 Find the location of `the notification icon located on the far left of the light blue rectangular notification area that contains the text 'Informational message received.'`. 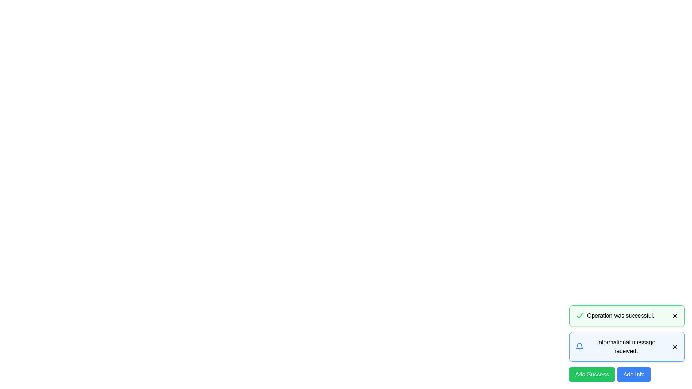

the notification icon located on the far left of the light blue rectangular notification area that contains the text 'Informational message received.' is located at coordinates (580, 346).